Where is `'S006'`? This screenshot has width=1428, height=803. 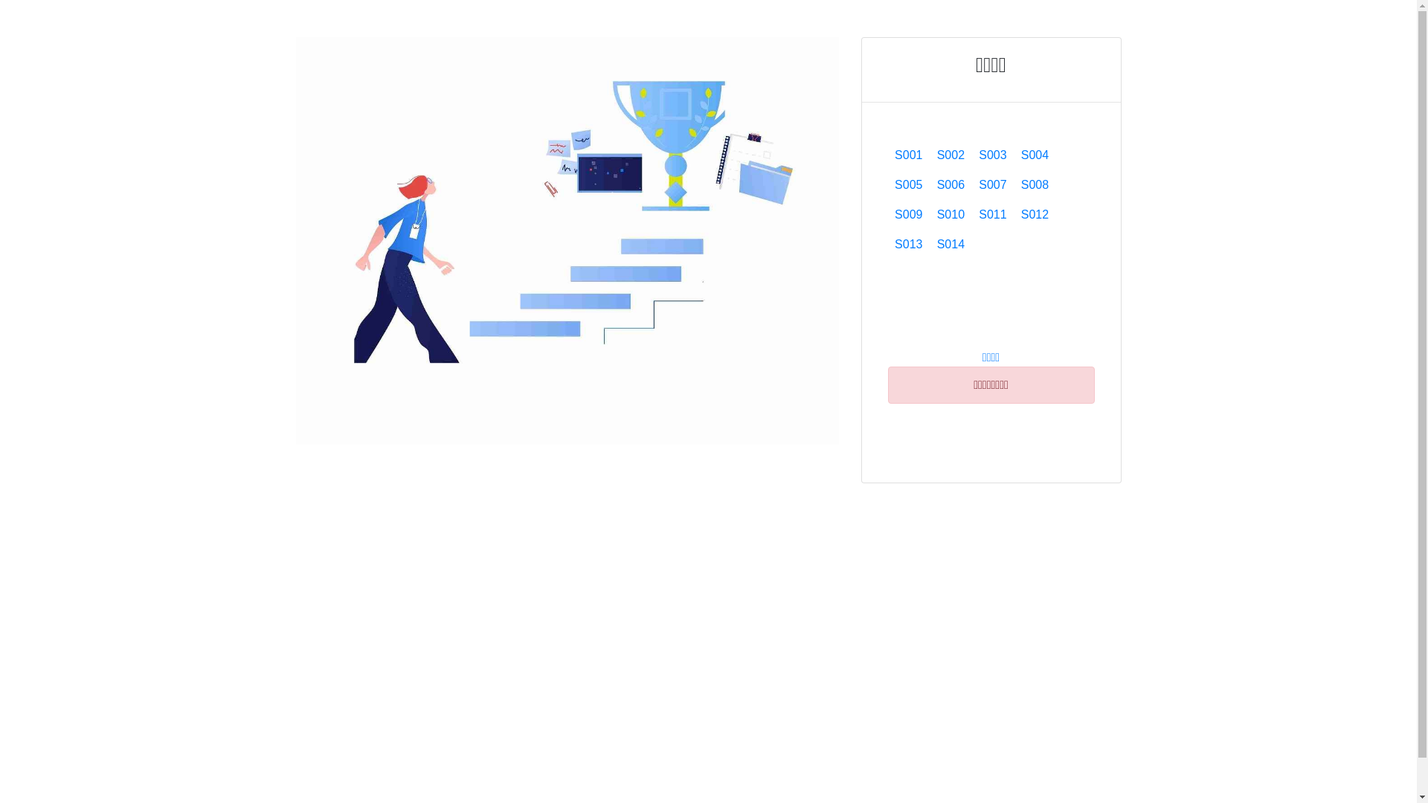 'S006' is located at coordinates (950, 184).